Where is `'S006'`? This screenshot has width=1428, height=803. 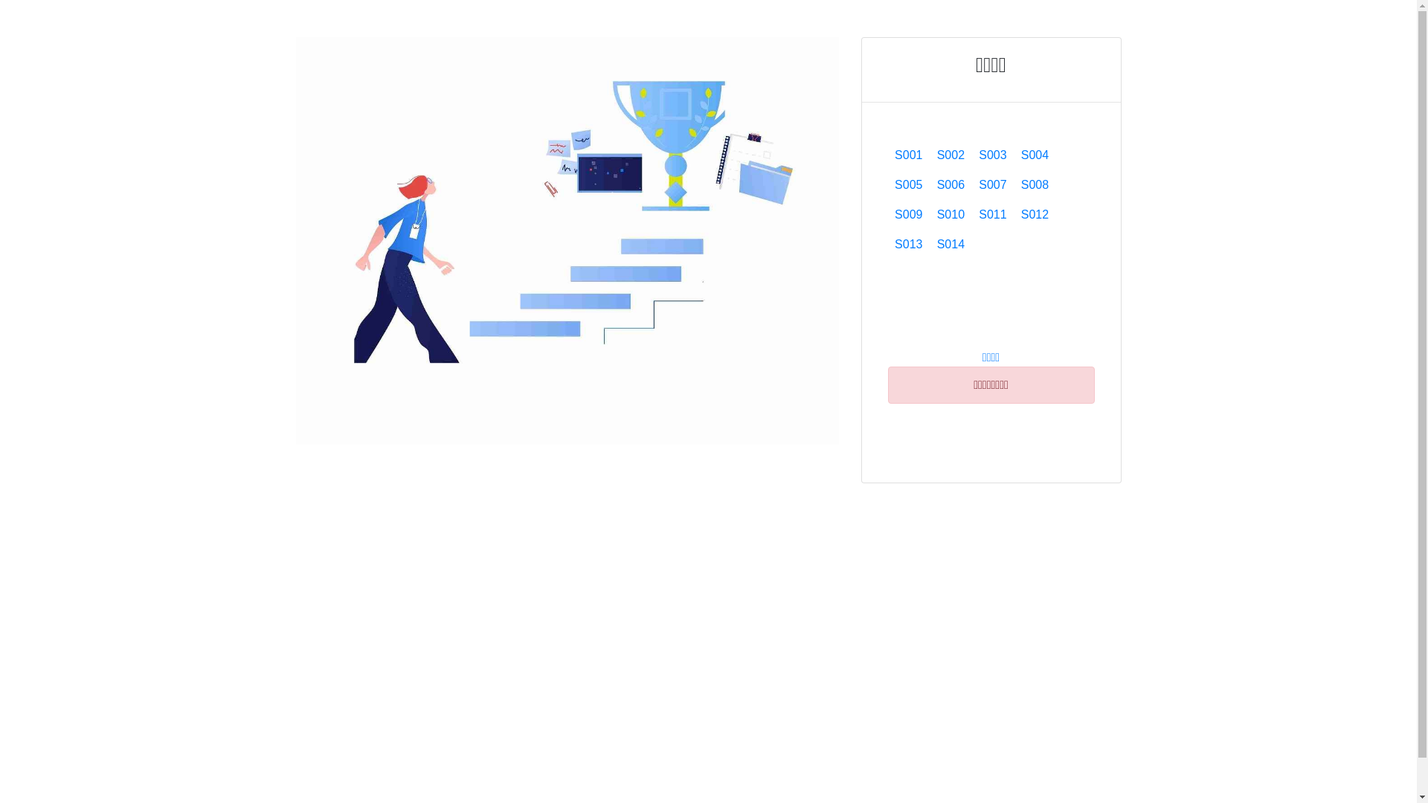 'S006' is located at coordinates (950, 184).